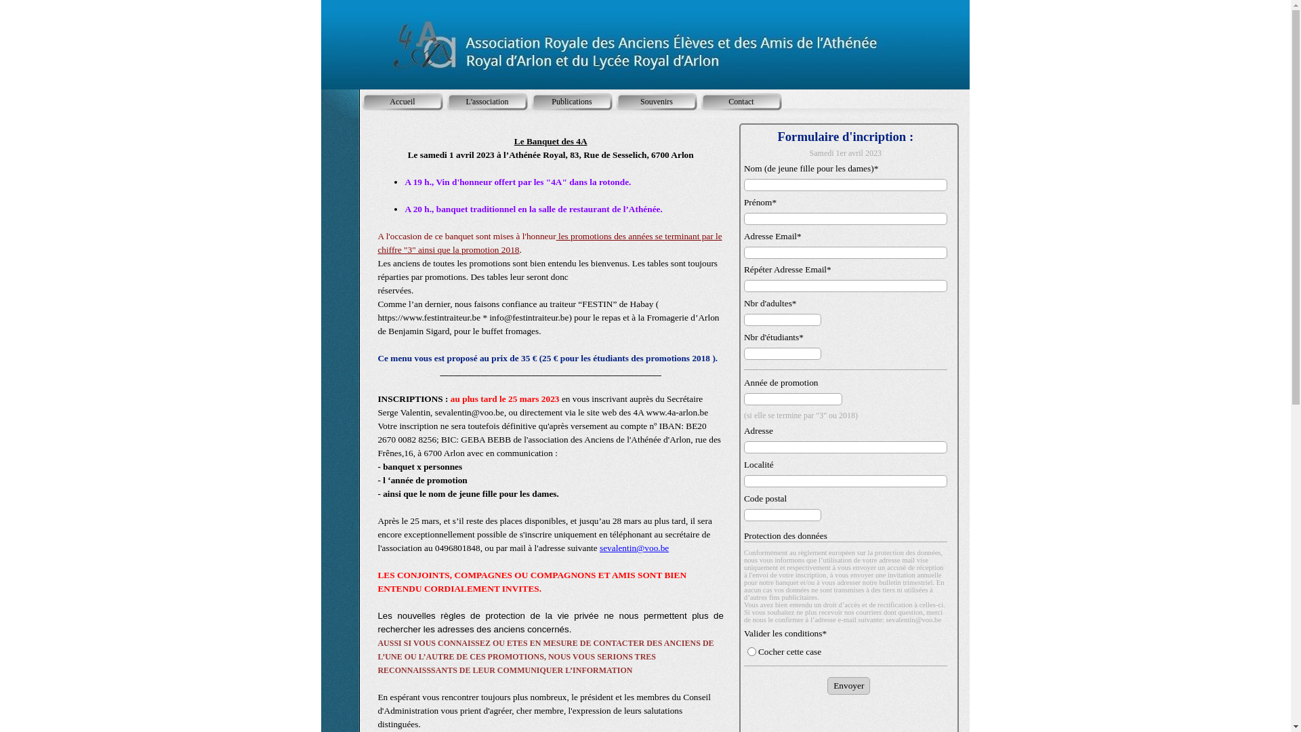 This screenshot has height=732, width=1301. What do you see at coordinates (741, 101) in the screenshot?
I see `'Contact'` at bounding box center [741, 101].